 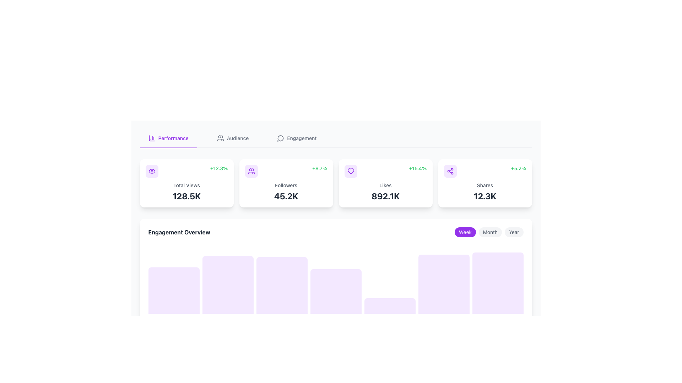 What do you see at coordinates (385, 183) in the screenshot?
I see `the statistical data card that has a white background, rounded corners, a purple heart icon, a green percentage indicator '+15.4%', the label 'Likes' in gray, and bold text '892.1K' for additional details` at bounding box center [385, 183].